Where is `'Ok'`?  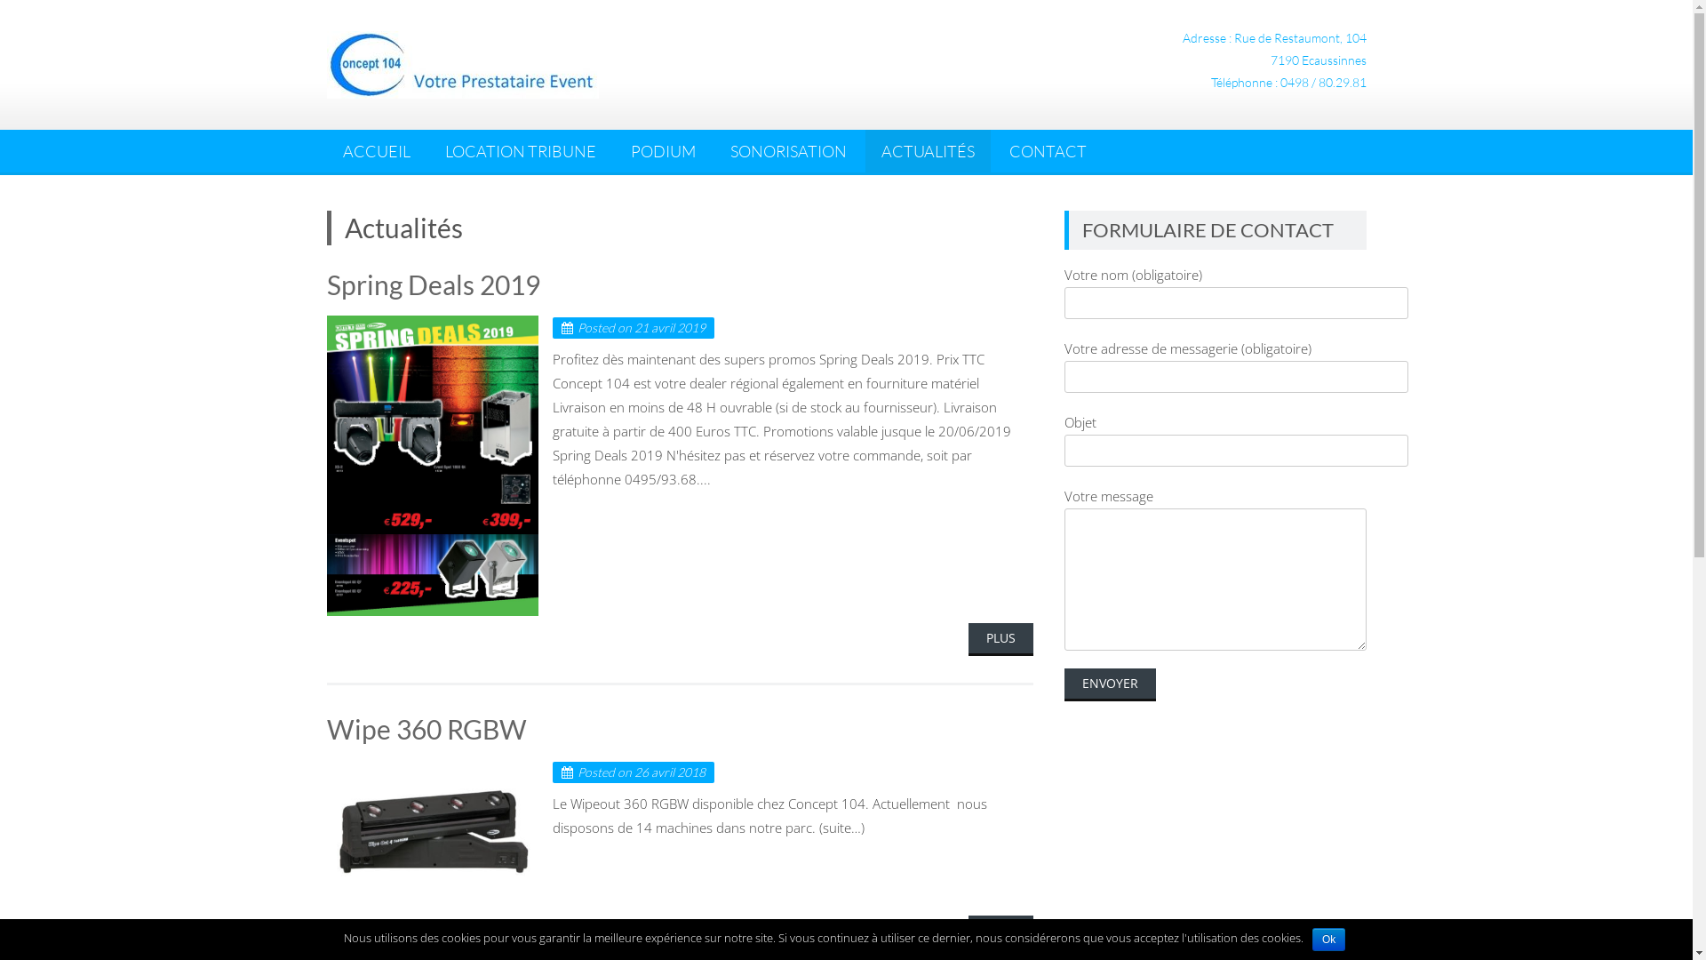 'Ok' is located at coordinates (1328, 938).